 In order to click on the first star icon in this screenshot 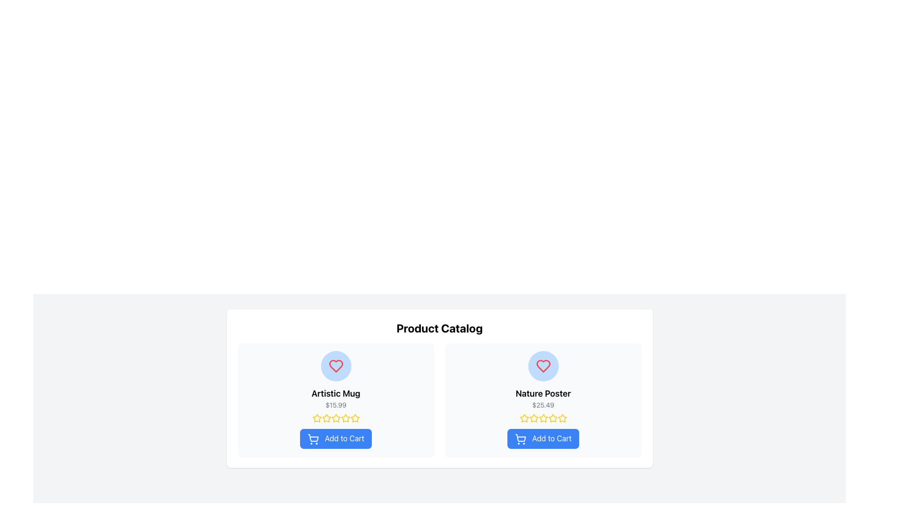, I will do `click(317, 418)`.